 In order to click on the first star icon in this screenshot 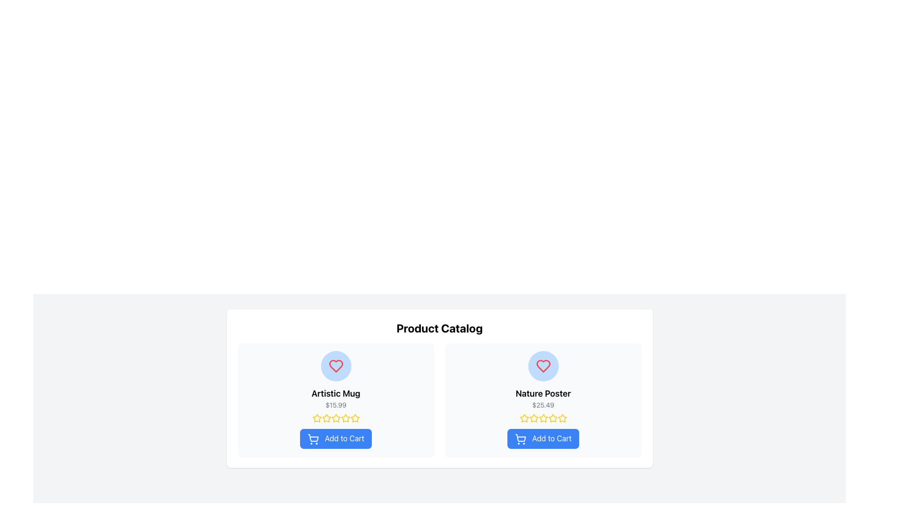, I will do `click(317, 418)`.